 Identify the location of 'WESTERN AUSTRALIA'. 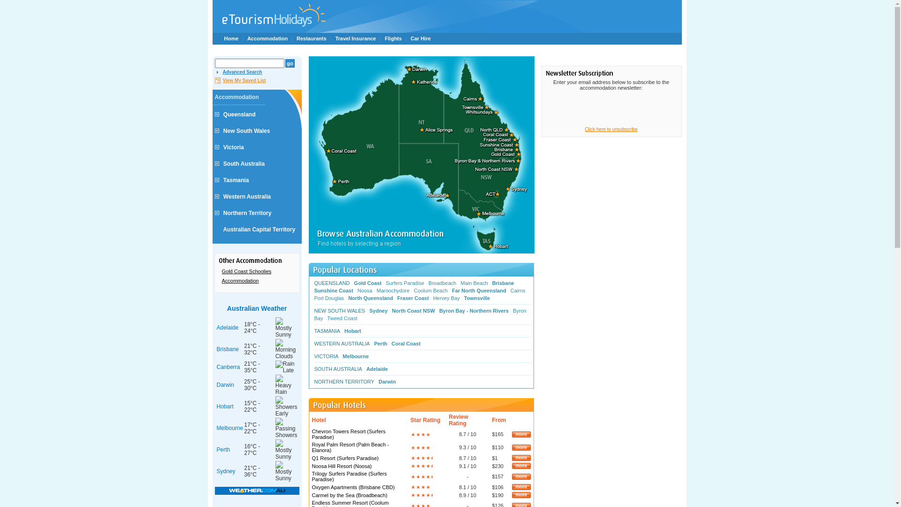
(314, 344).